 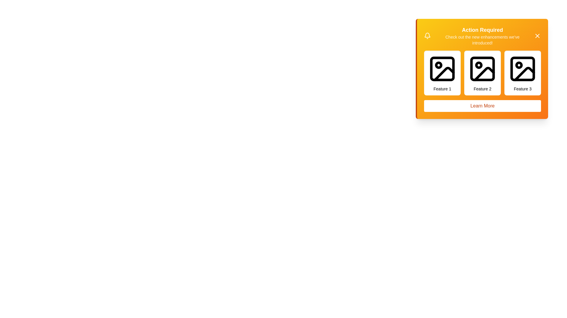 I want to click on the close button to hide the snackbar, so click(x=537, y=36).